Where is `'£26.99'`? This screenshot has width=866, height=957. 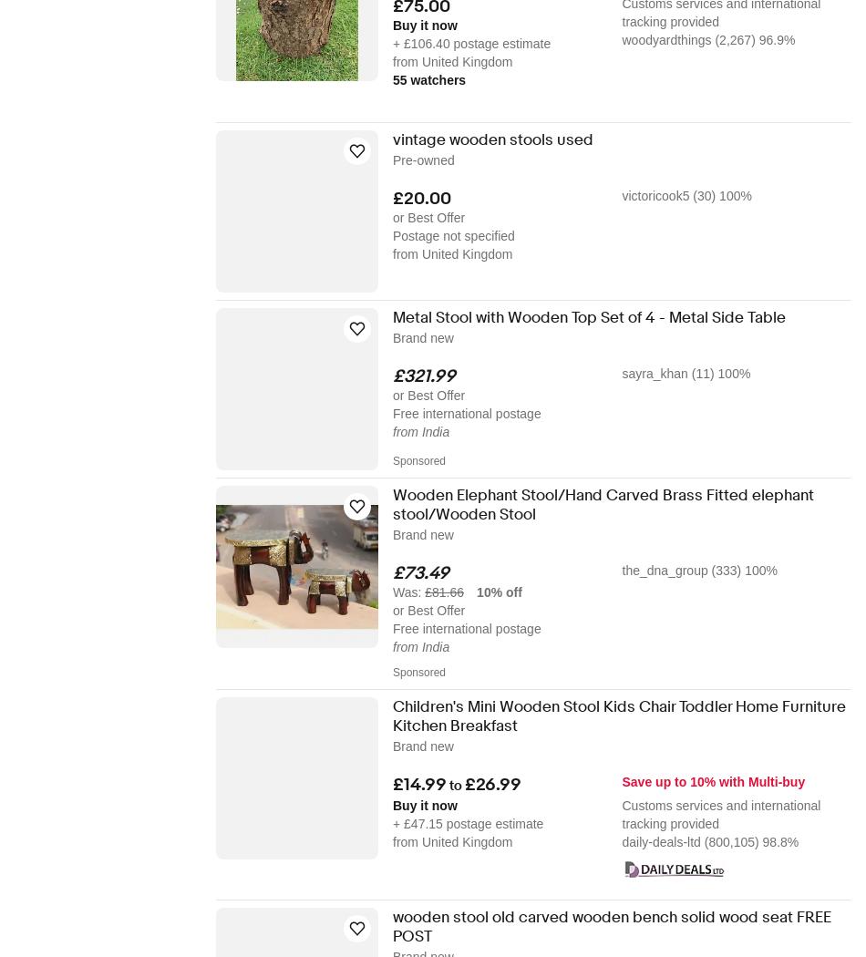 '£26.99' is located at coordinates (493, 785).